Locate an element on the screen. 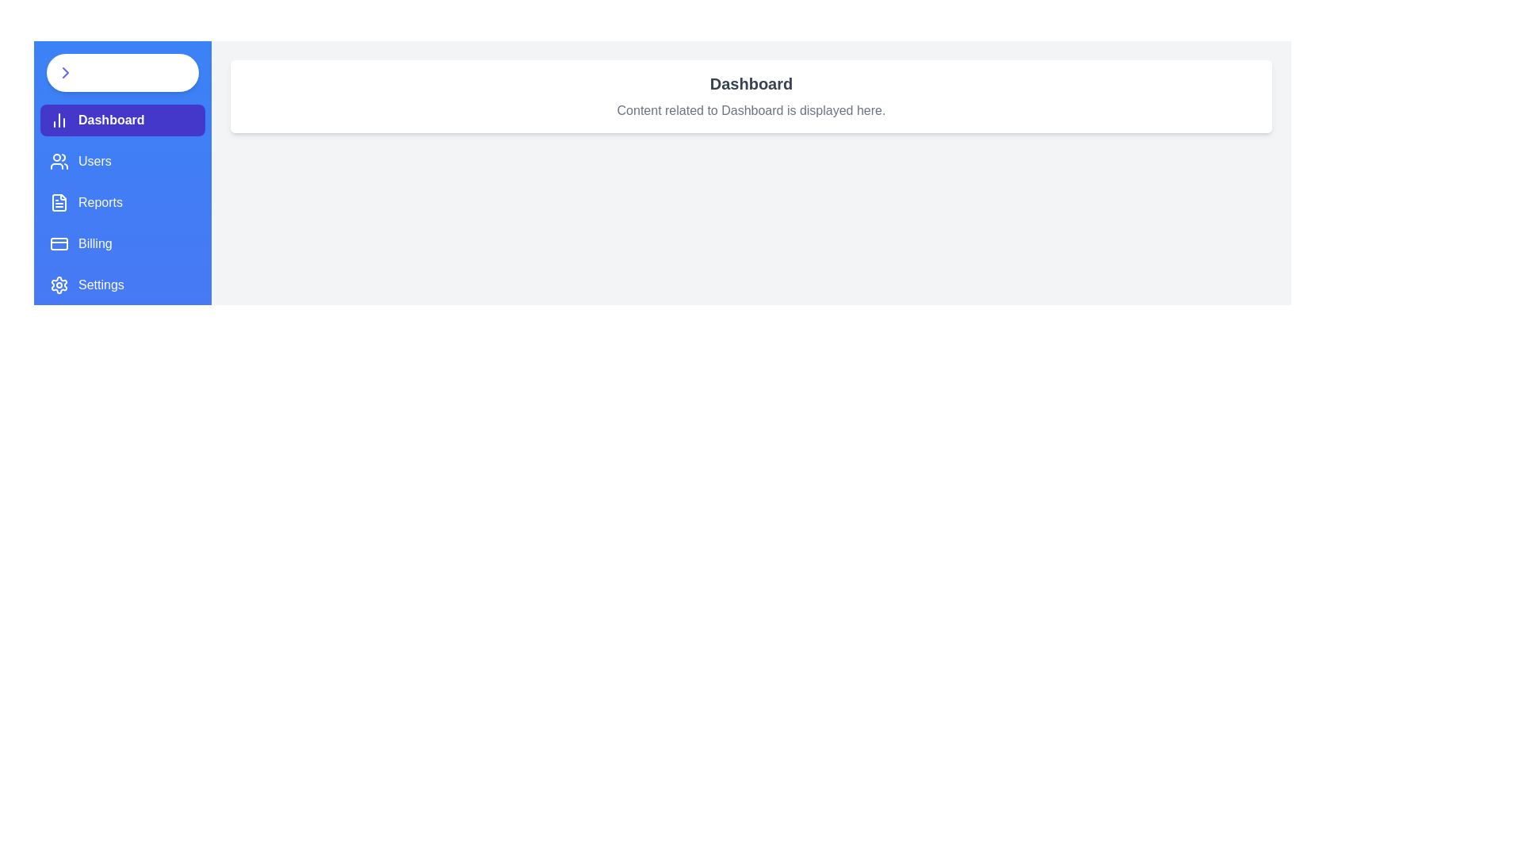 The image size is (1522, 856). the arrow button to toggle the drawer's state is located at coordinates (121, 73).